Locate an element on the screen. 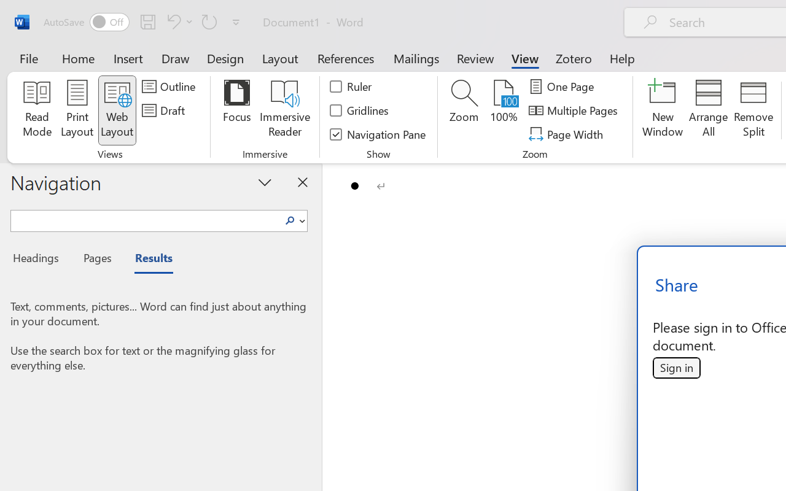  'Arrange All' is located at coordinates (708, 110).